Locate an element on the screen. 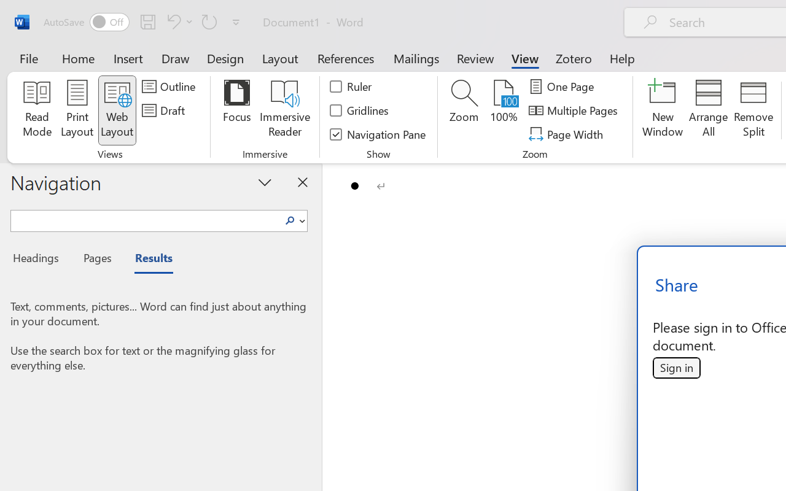  'Arrange All' is located at coordinates (708, 110).